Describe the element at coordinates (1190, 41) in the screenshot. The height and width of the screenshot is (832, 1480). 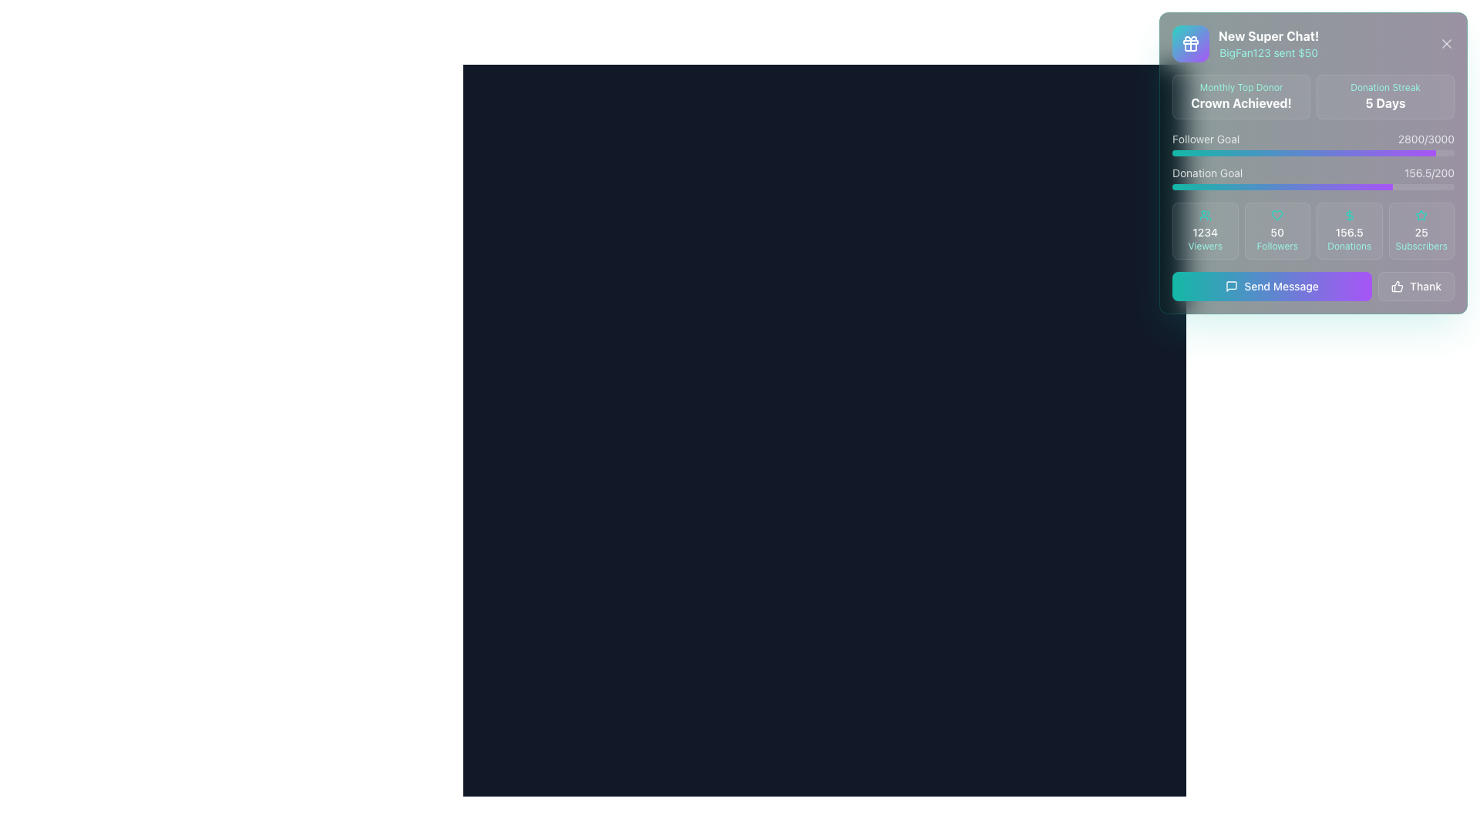
I see `the horizontal ribbon decoration of the gift box icon, which visually represents the ribbon tied around the box` at that location.